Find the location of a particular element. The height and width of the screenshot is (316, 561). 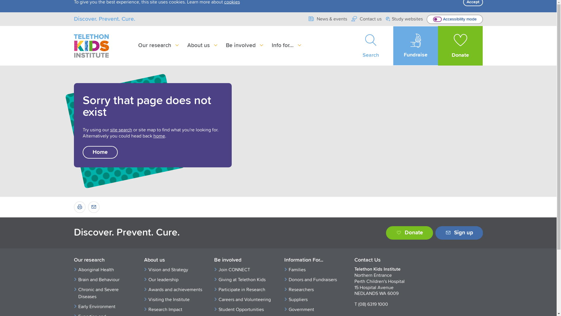

'Info for...' is located at coordinates (287, 45).